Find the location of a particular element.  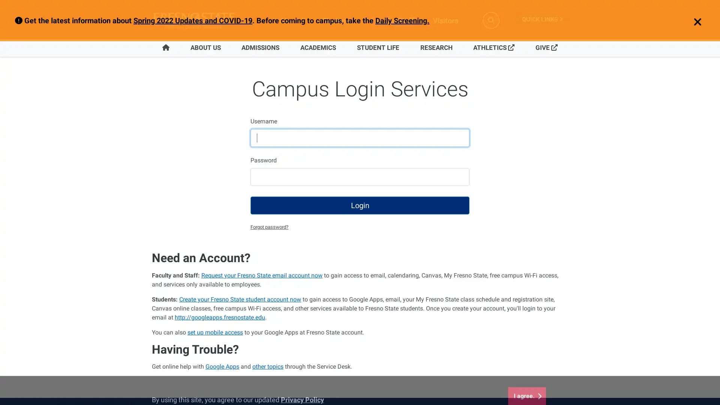

Login is located at coordinates (360, 205).